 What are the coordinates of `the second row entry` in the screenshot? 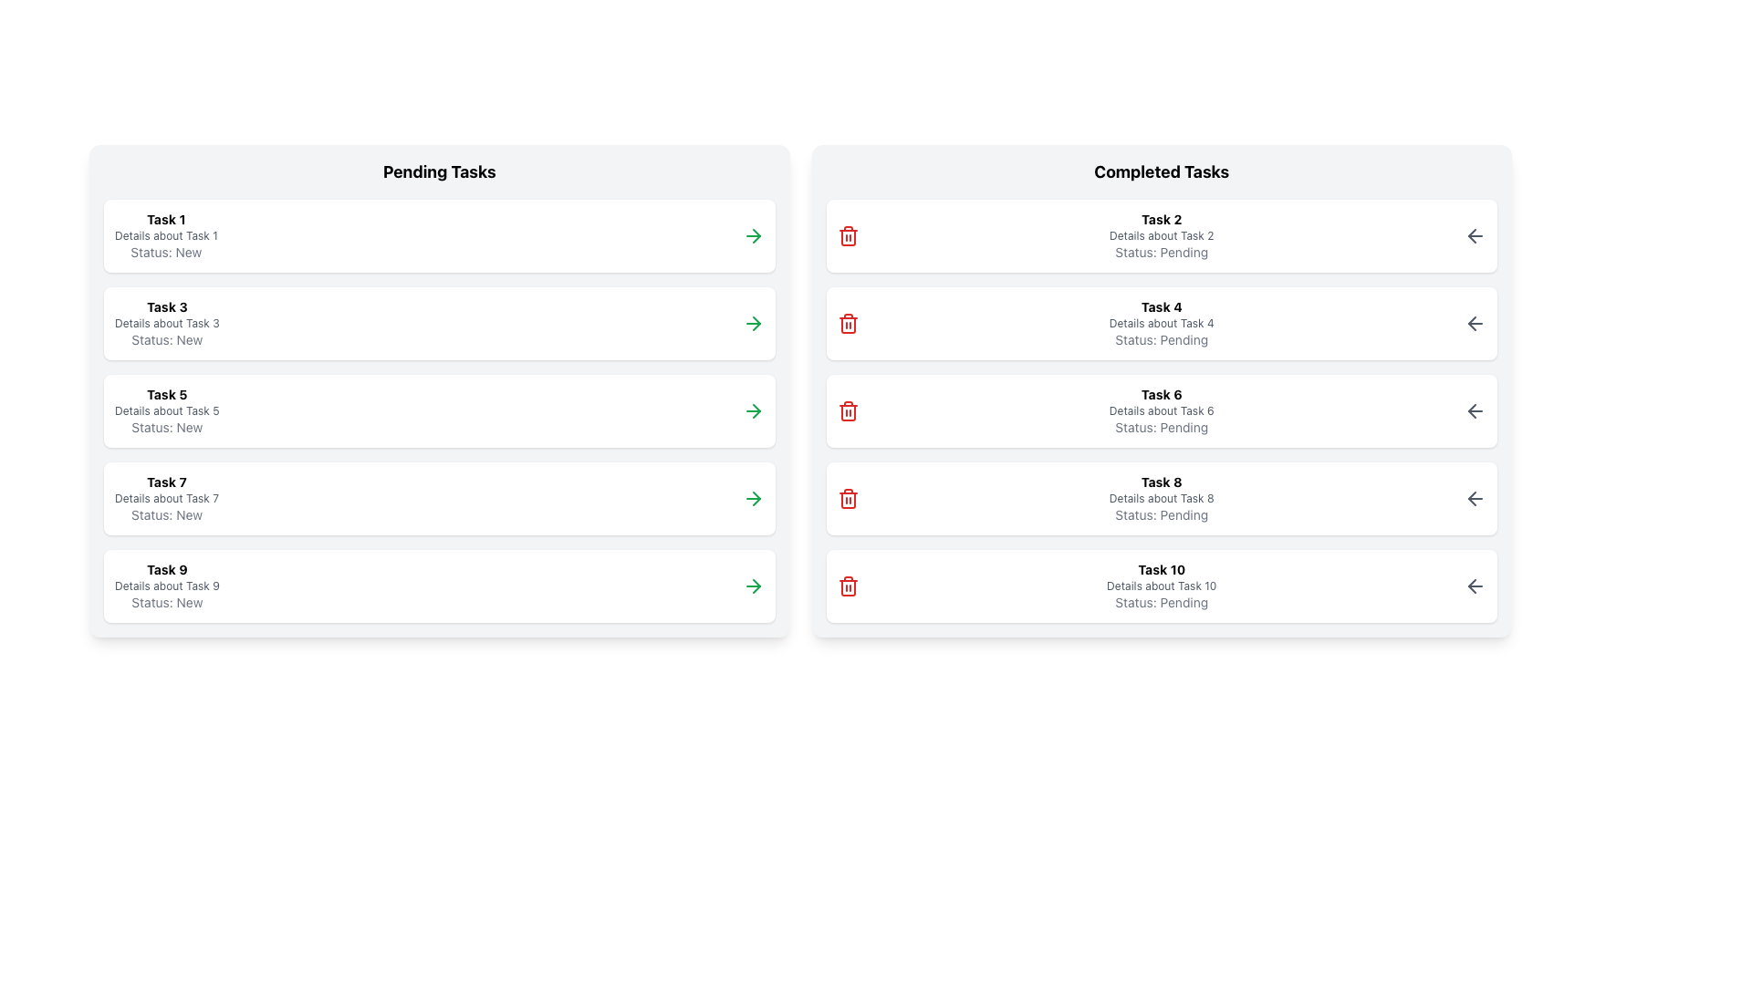 It's located at (167, 322).